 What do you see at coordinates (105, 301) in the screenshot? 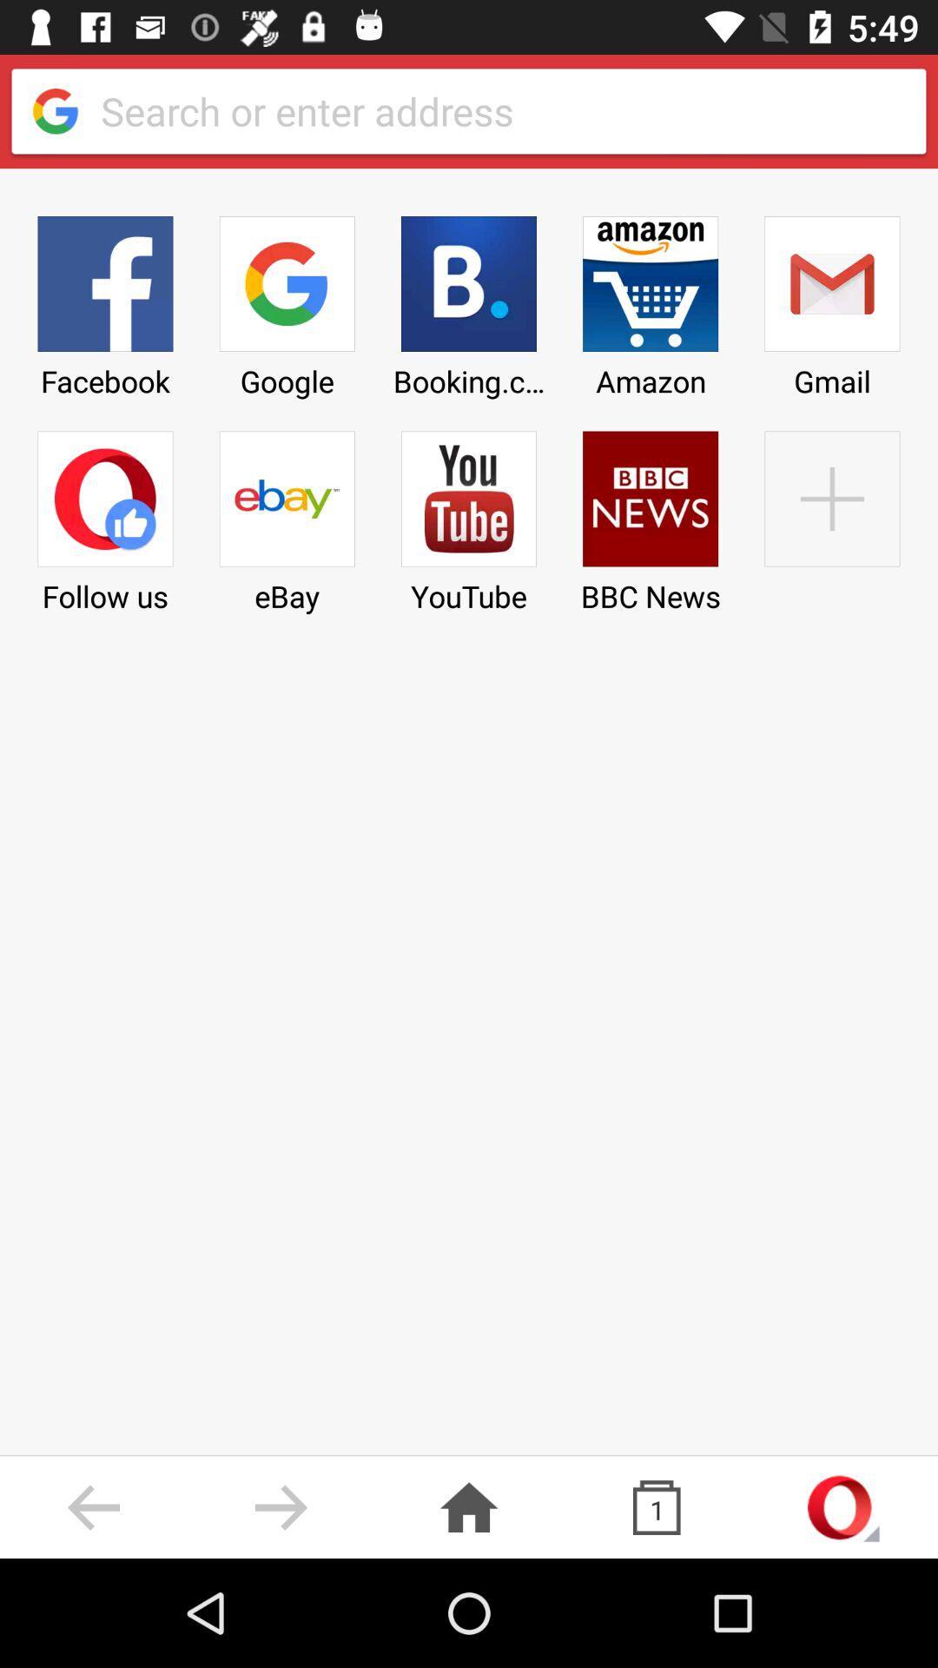
I see `the item to the left of the google item` at bounding box center [105, 301].